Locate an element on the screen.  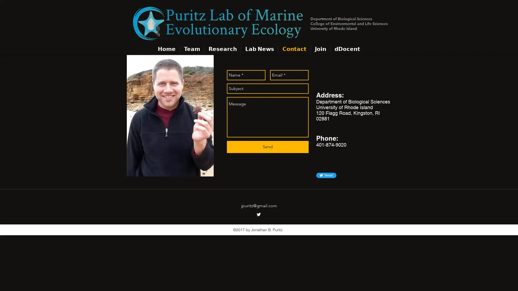
Send is located at coordinates (268, 147).